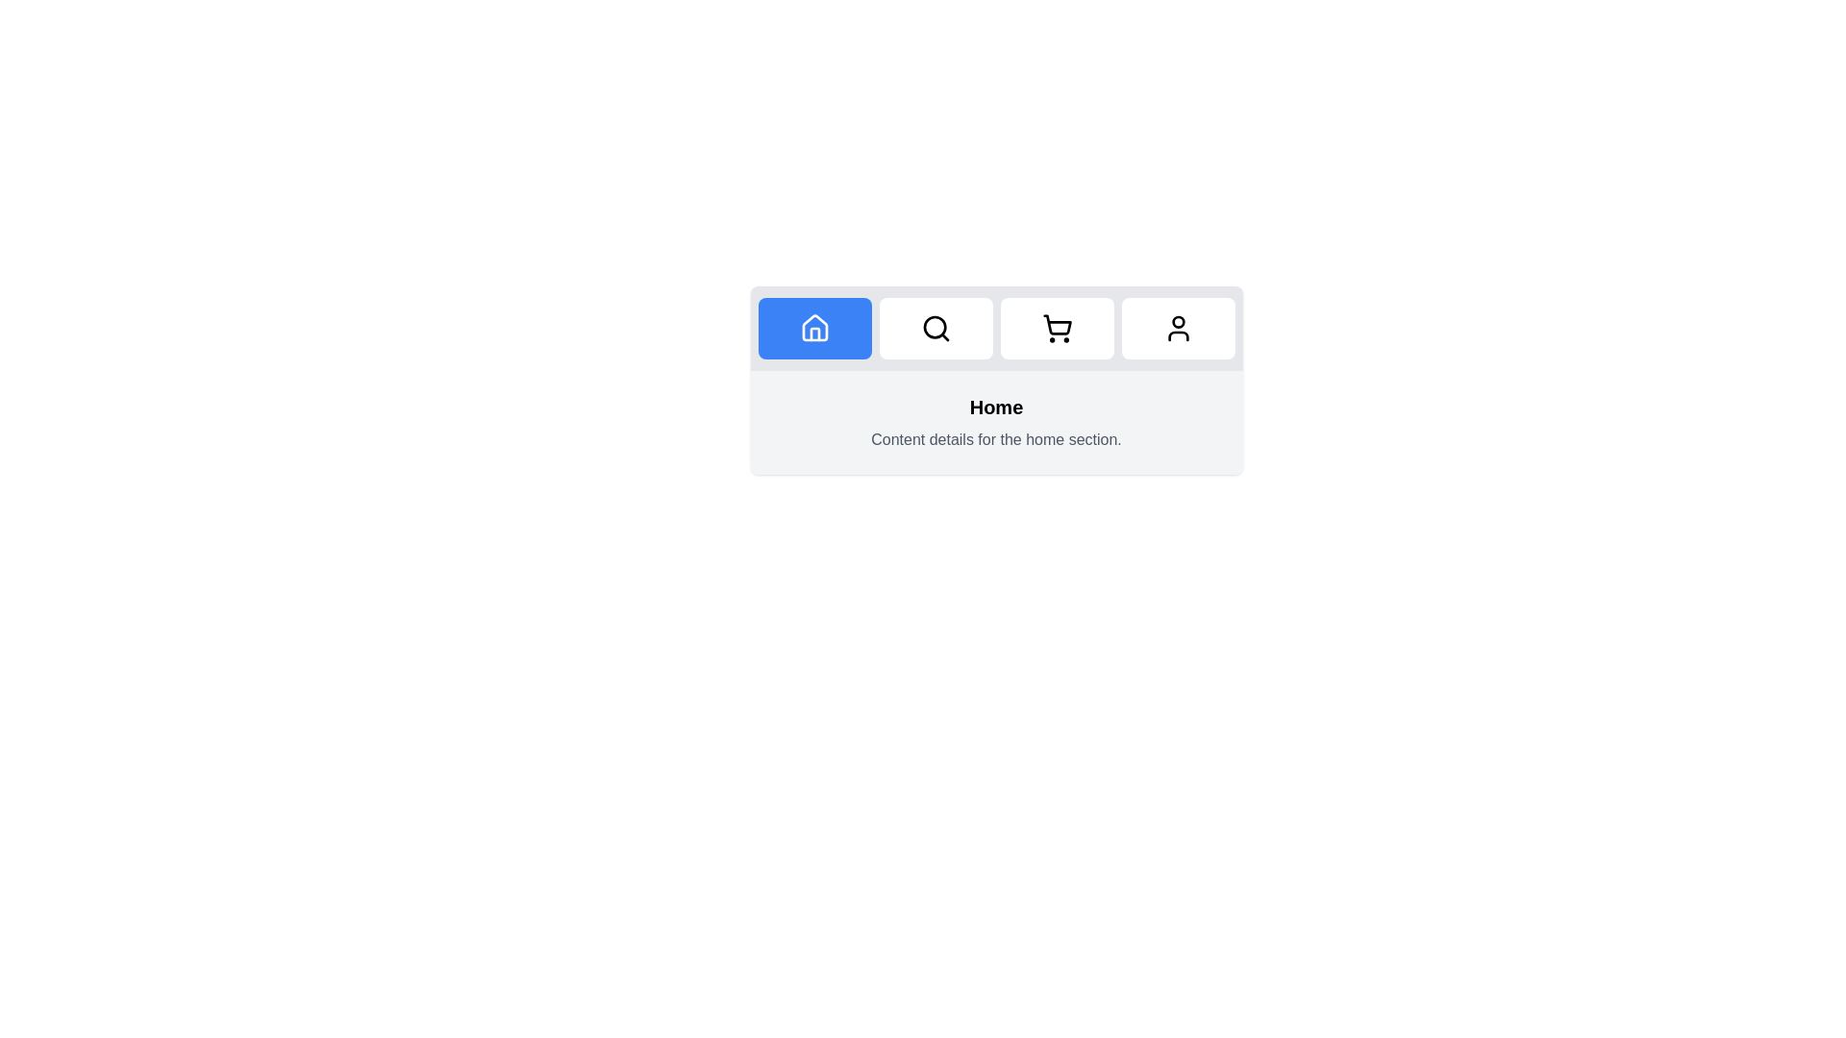 The width and height of the screenshot is (1846, 1038). I want to click on the user icon button, which is a rectangular button with a white background and rounded borders located in the top-right corner of a four-column grid layout, so click(1177, 328).